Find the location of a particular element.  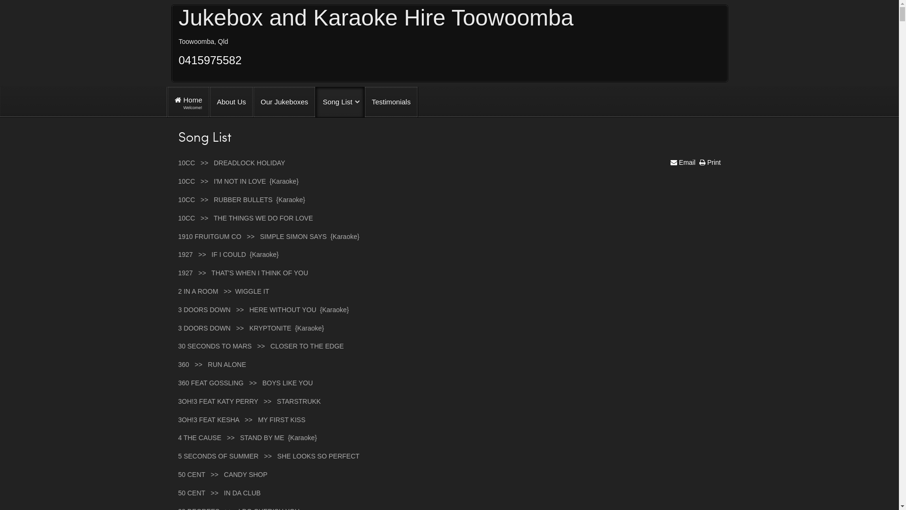

'About Us' is located at coordinates (231, 102).